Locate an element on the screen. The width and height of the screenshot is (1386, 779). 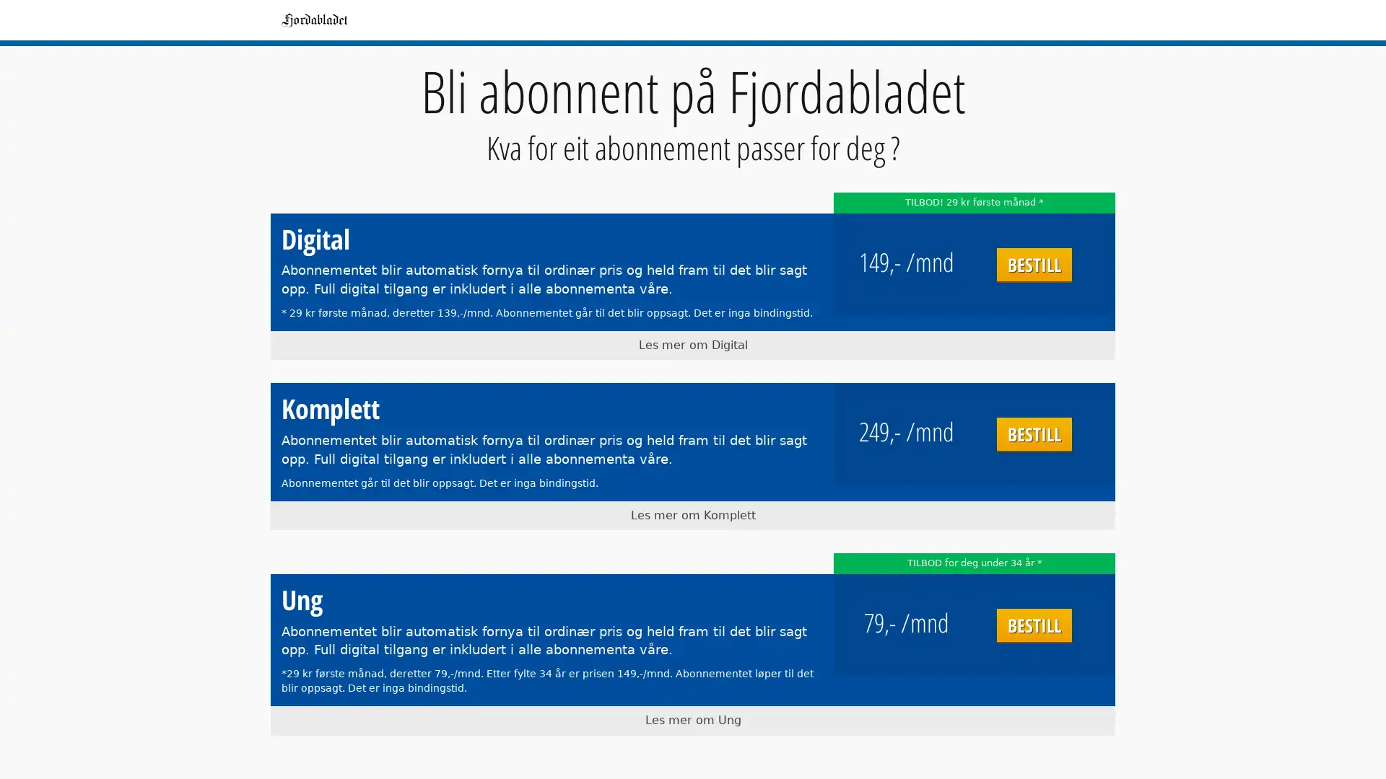
Les mer om Komplett is located at coordinates (693, 514).